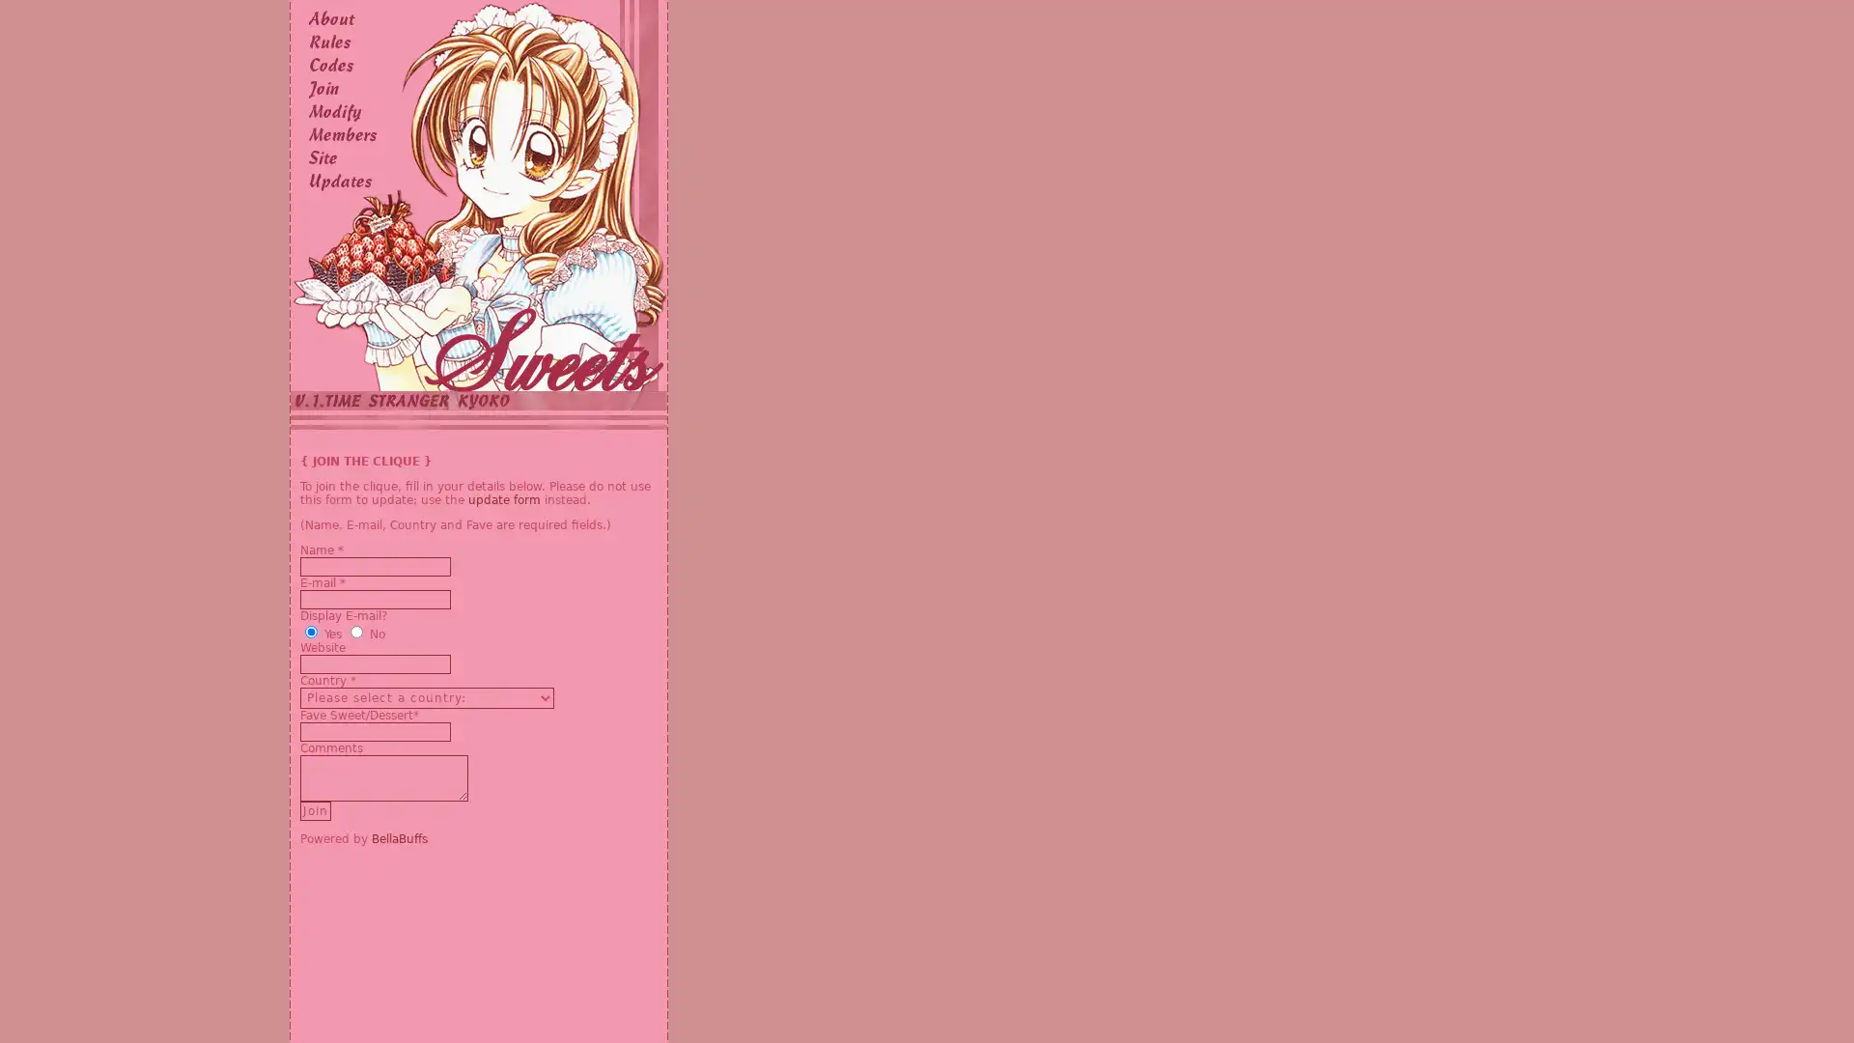 Image resolution: width=1854 pixels, height=1043 pixels. Describe the element at coordinates (315, 811) in the screenshot. I see `Join` at that location.